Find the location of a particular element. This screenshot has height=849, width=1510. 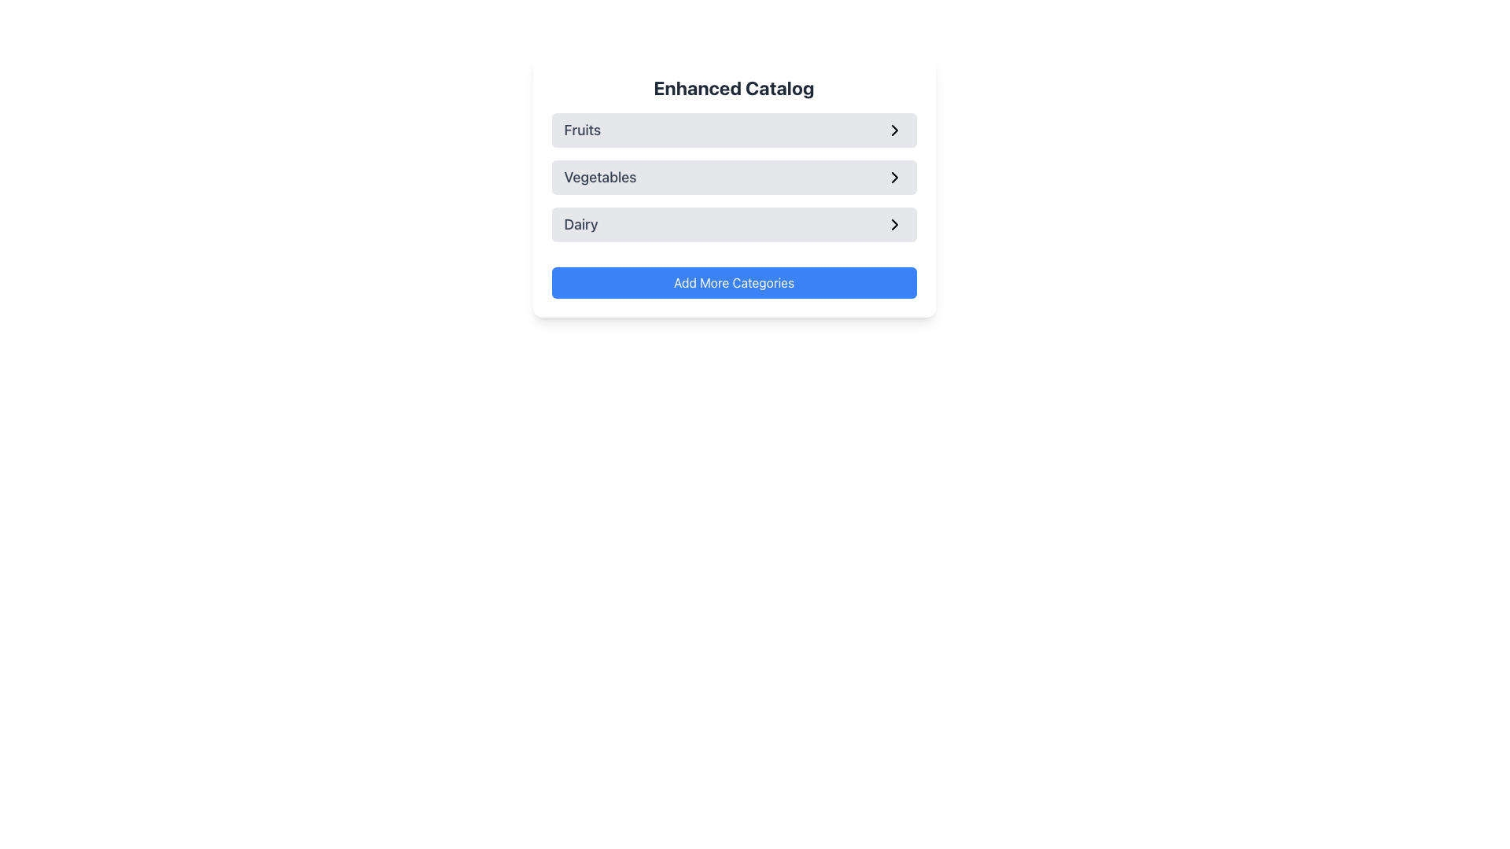

the button that allows users to add new categories to the existing list, located below the labeled rows 'Fruits', 'Vegetables', and 'Dairy' is located at coordinates (733, 281).